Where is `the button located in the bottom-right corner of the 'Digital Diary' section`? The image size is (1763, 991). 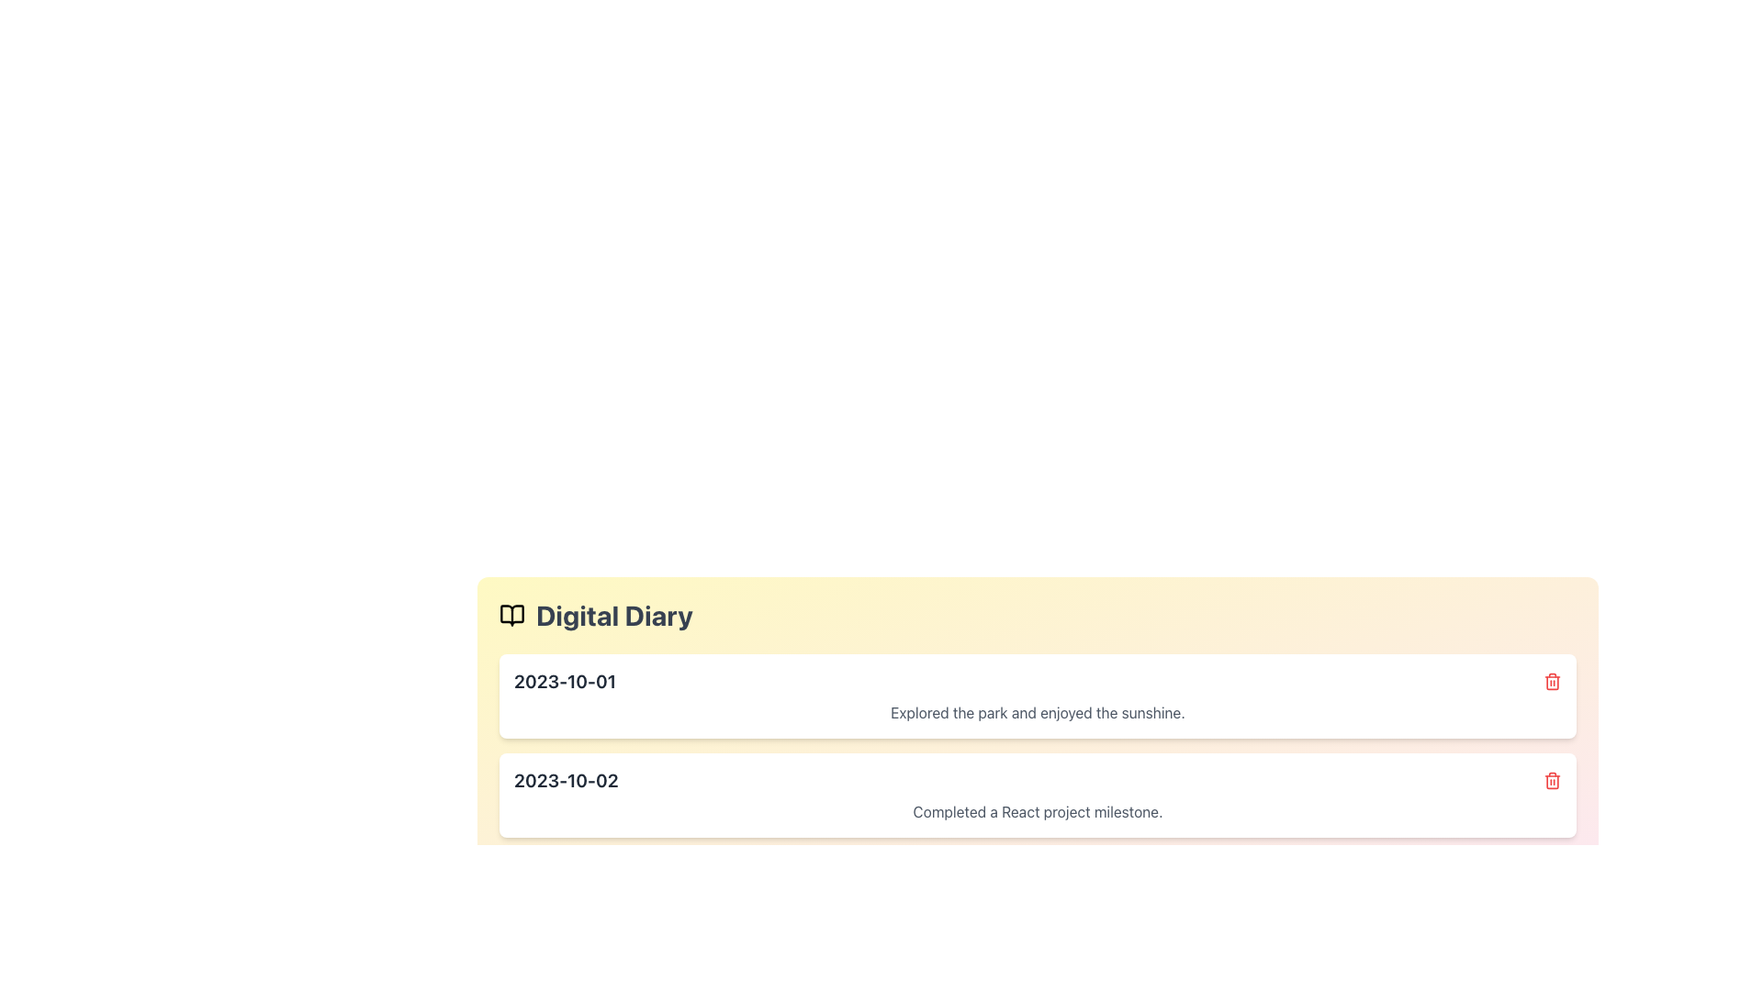
the button located in the bottom-right corner of the 'Digital Diary' section is located at coordinates (1551, 870).